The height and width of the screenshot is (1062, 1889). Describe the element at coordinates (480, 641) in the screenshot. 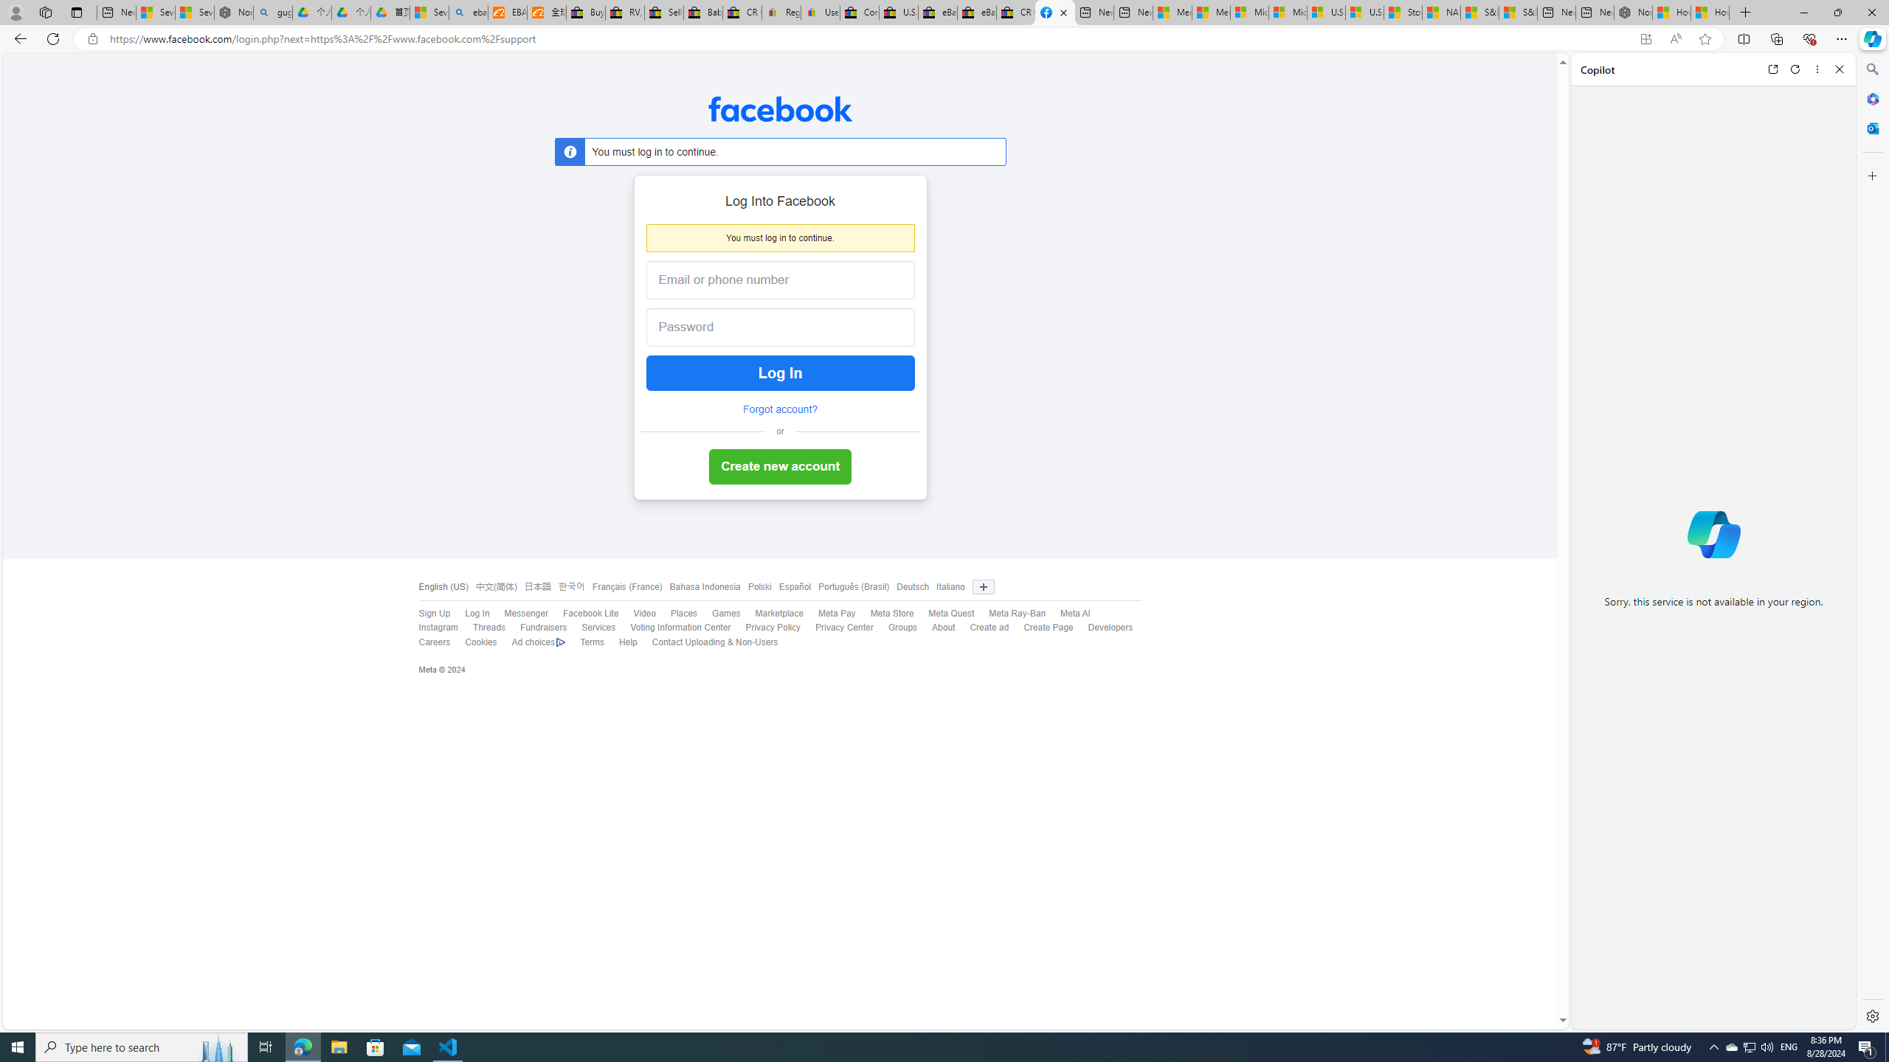

I see `'Cookies'` at that location.